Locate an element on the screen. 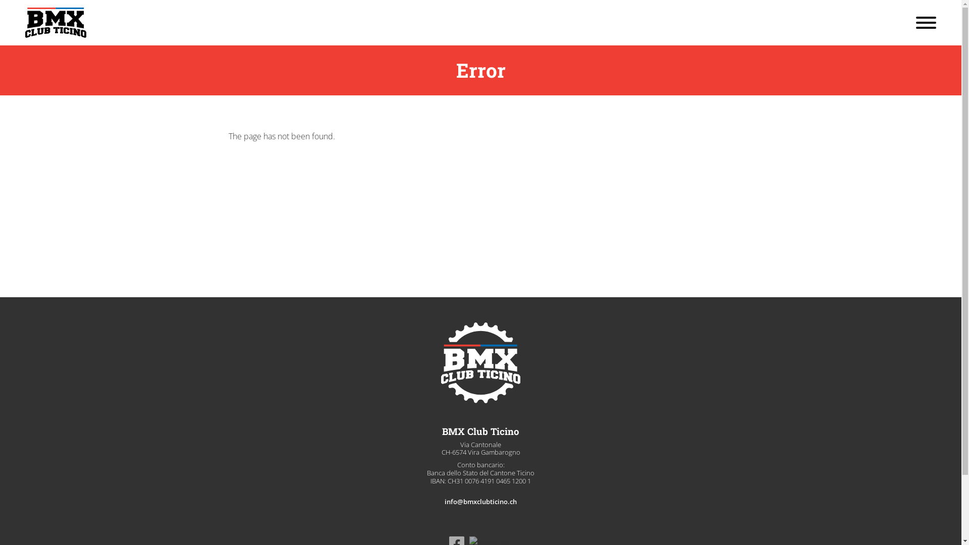  'info@bmxclubticino.ch' is located at coordinates (480, 502).